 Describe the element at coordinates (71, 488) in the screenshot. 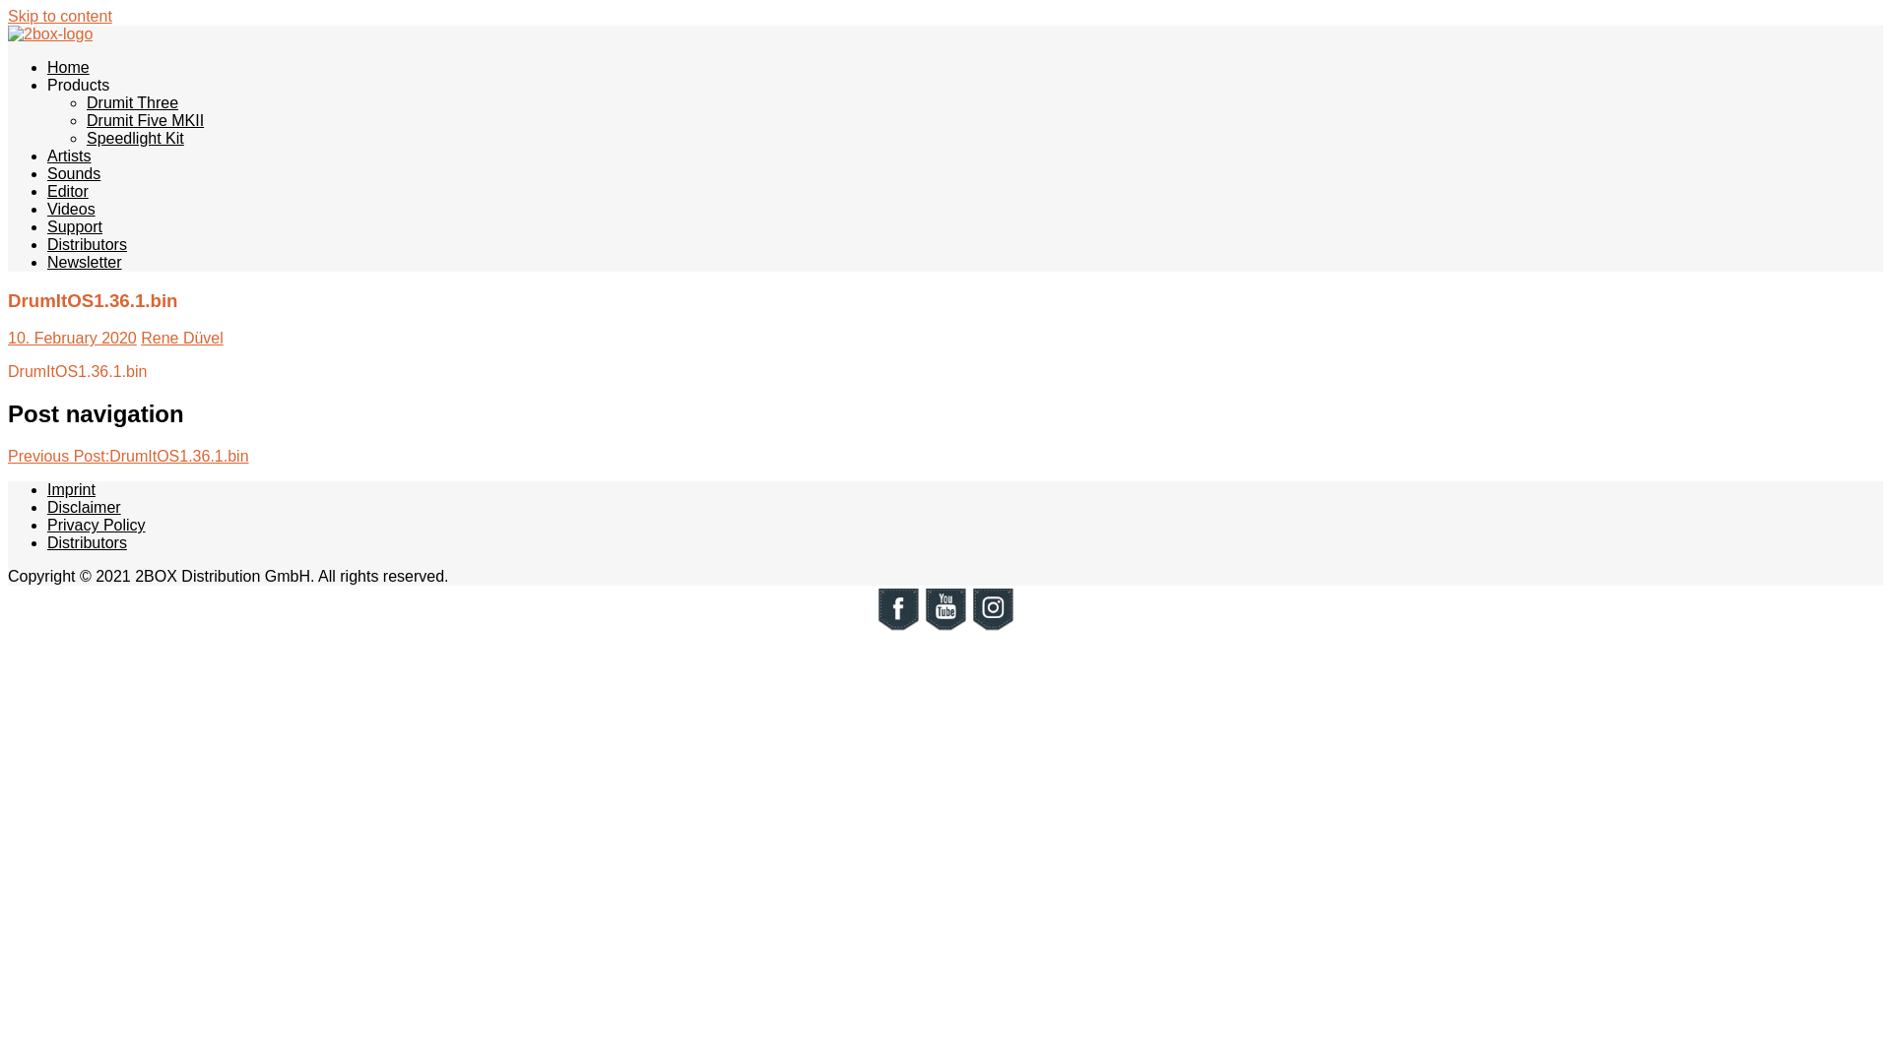

I see `'Imprint'` at that location.